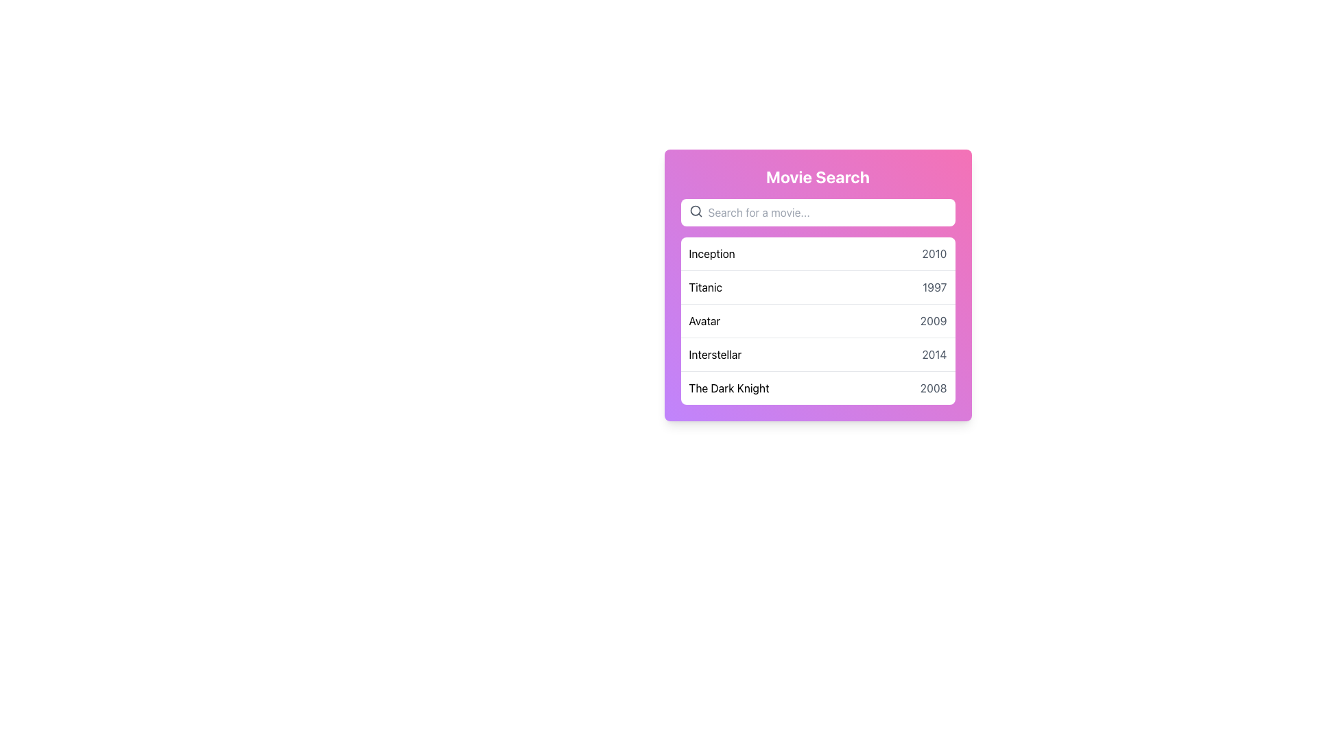  What do you see at coordinates (934, 287) in the screenshot?
I see `the text label indicating the release year of the movie 'Titanic', which is the second year in a right-aligned column of release years` at bounding box center [934, 287].